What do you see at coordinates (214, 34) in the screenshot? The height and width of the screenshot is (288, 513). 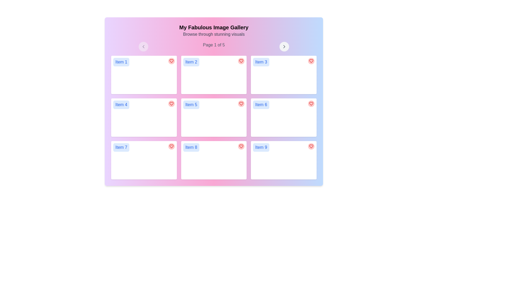 I see `the Text Label that provides a descriptive subtitle for the gallery, located below the header title 'My Fabulous Image Gallery' and centered horizontally` at bounding box center [214, 34].